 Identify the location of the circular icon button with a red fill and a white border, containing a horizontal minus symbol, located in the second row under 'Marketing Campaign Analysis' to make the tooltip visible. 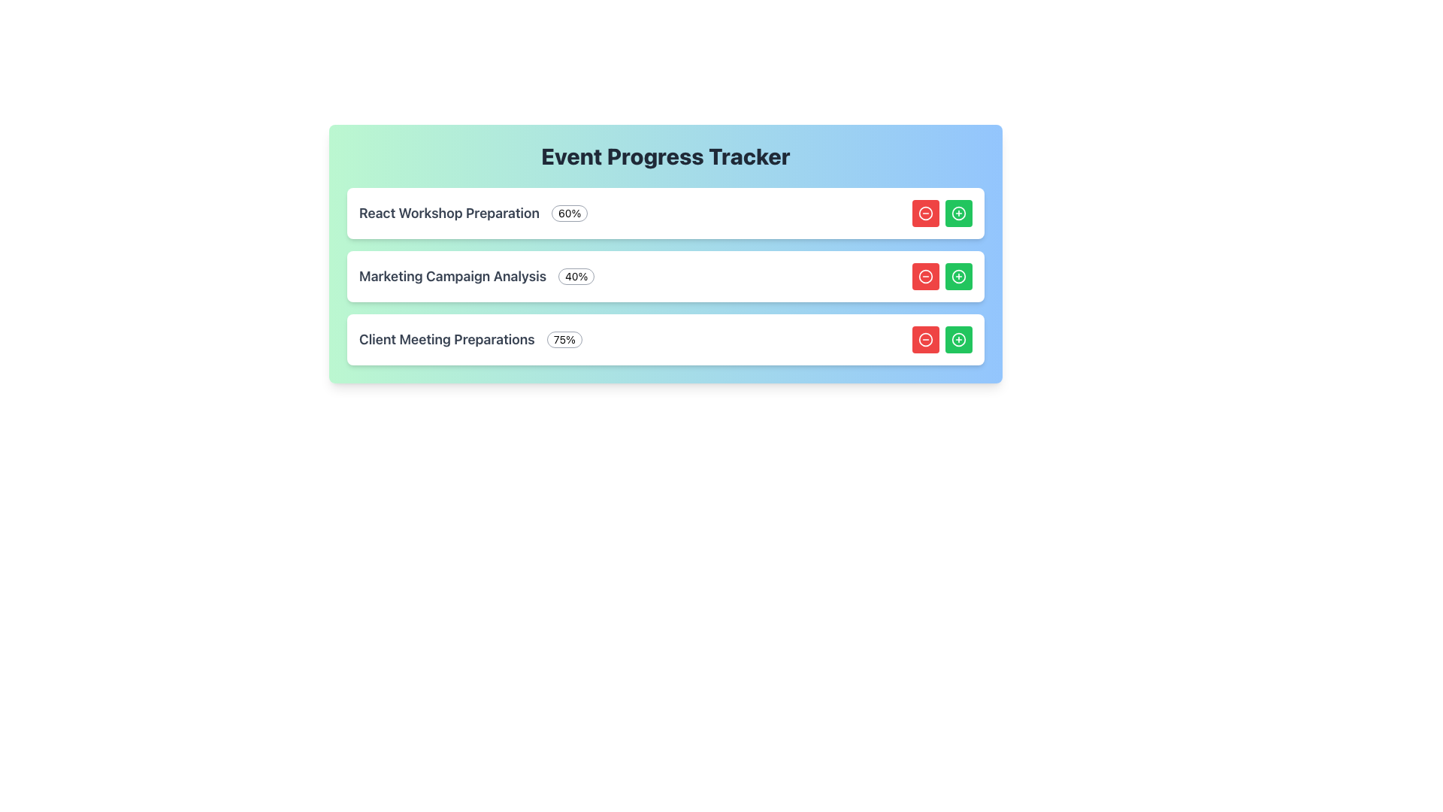
(925, 339).